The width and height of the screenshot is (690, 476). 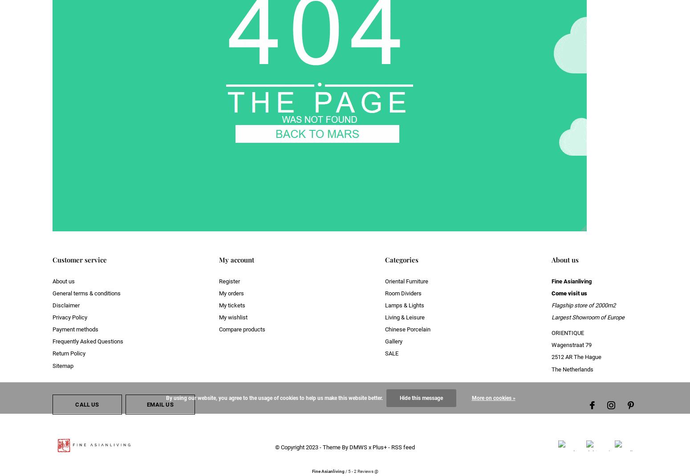 I want to click on 'My tickets', so click(x=231, y=305).